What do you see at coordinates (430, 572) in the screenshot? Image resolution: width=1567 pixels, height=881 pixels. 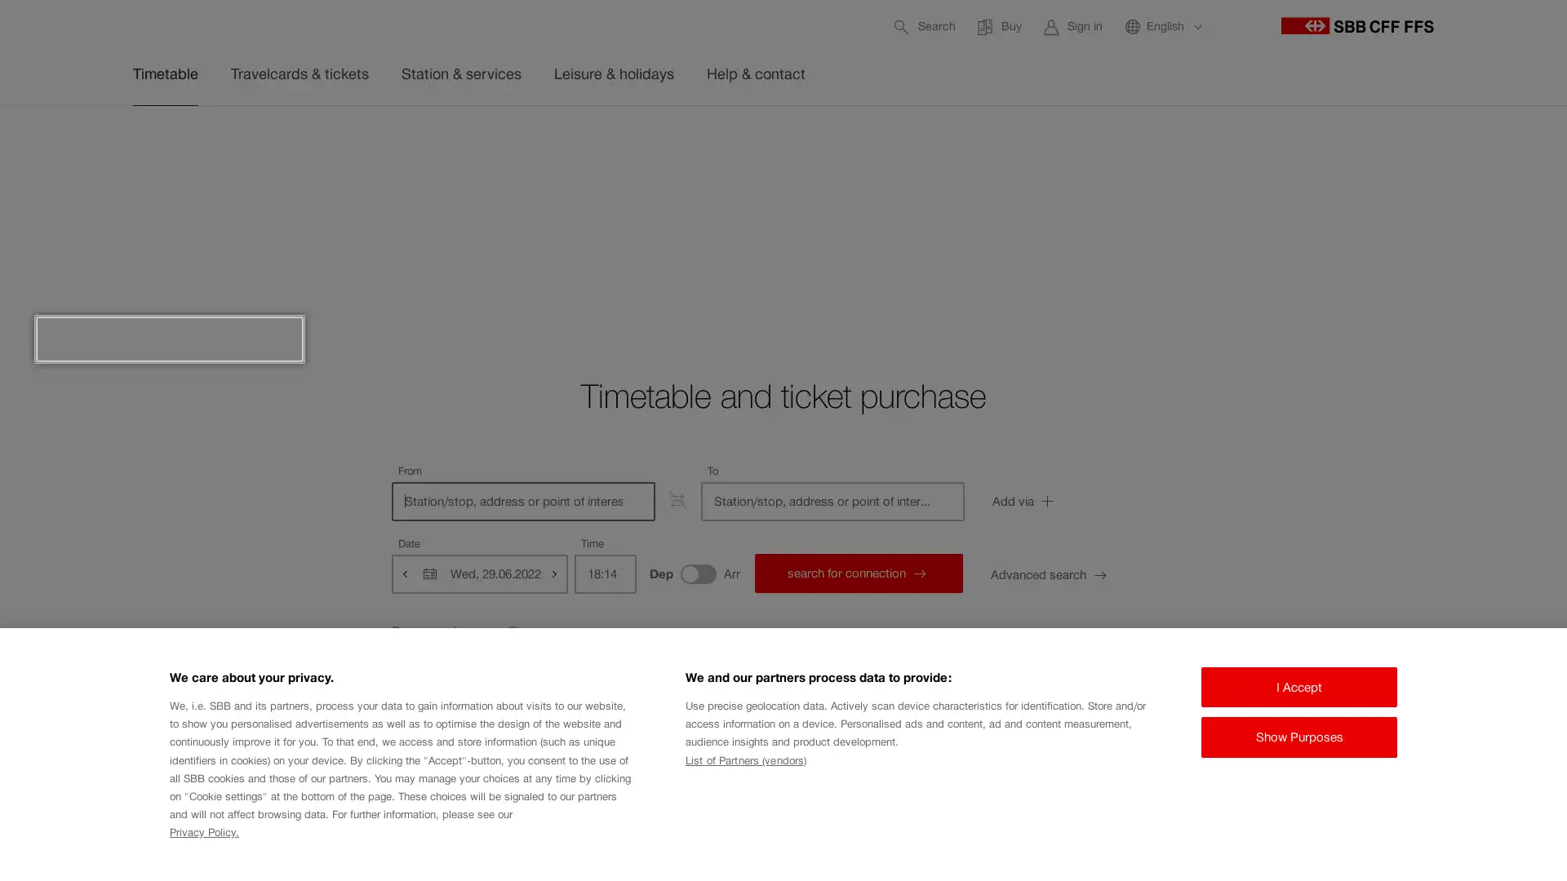 I see `Display calendar` at bounding box center [430, 572].